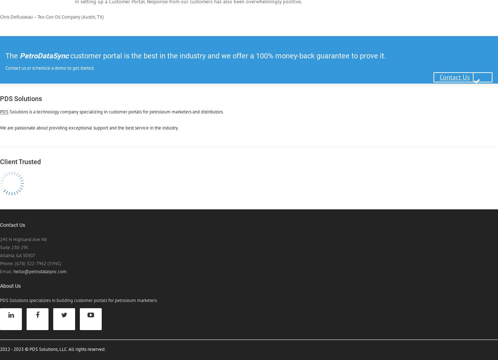 The width and height of the screenshot is (498, 360). Describe the element at coordinates (44, 55) in the screenshot. I see `'PetroDataSync'` at that location.